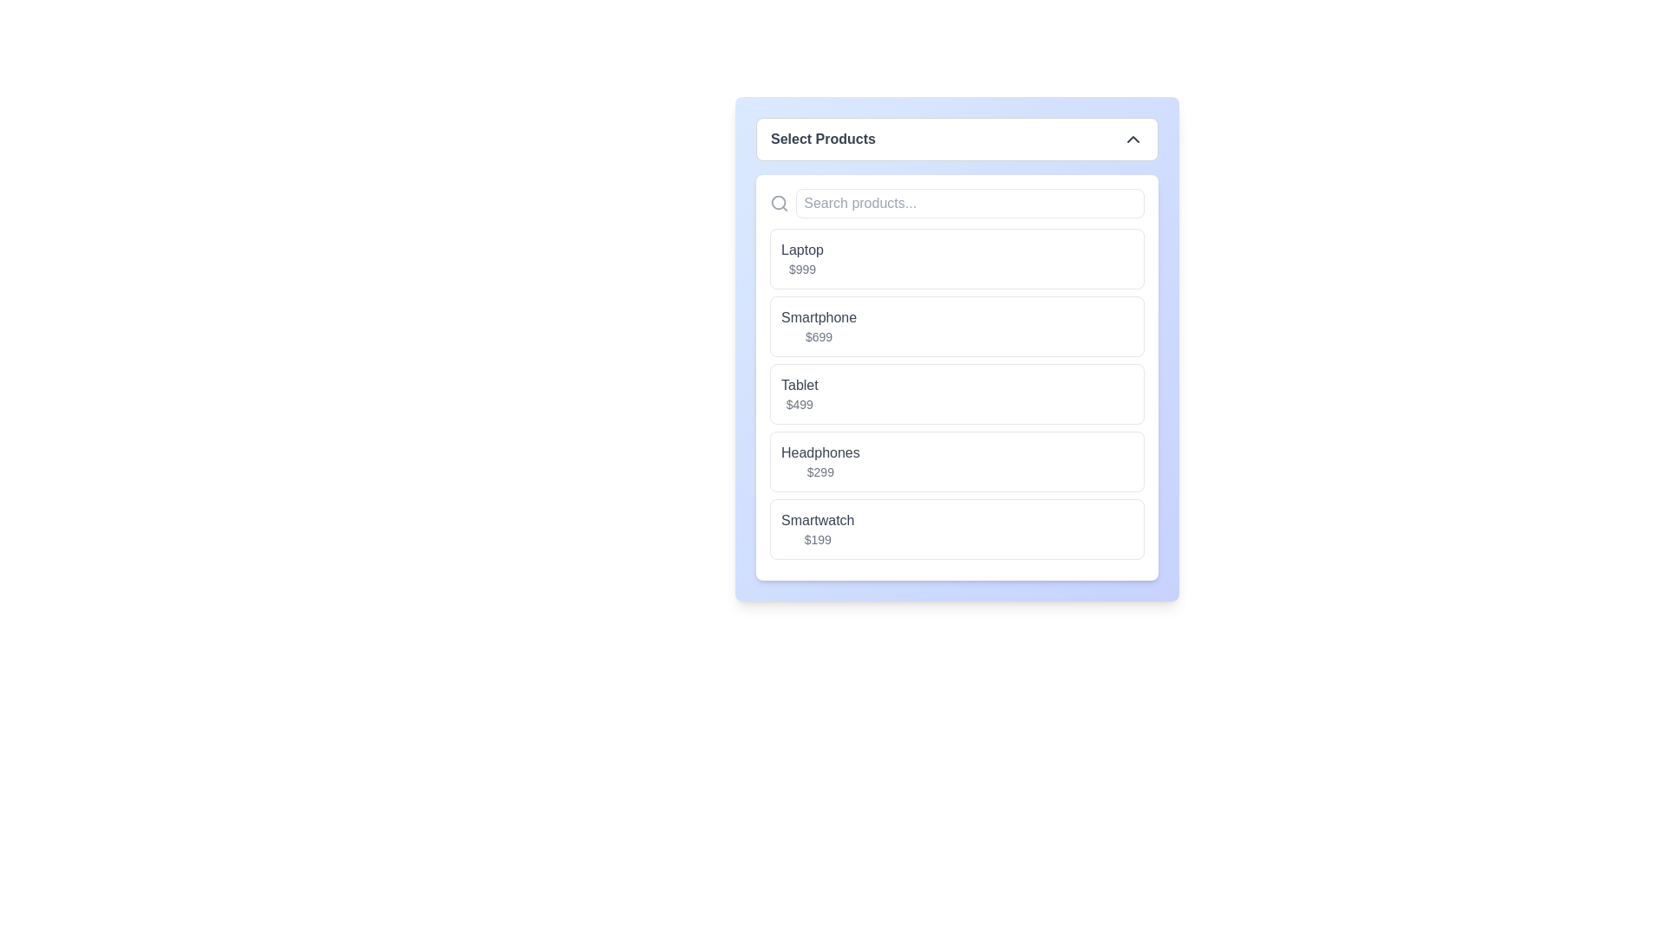 This screenshot has width=1665, height=936. What do you see at coordinates (798, 394) in the screenshot?
I see `the list item containing the product 'Tablet' priced at '$499'` at bounding box center [798, 394].